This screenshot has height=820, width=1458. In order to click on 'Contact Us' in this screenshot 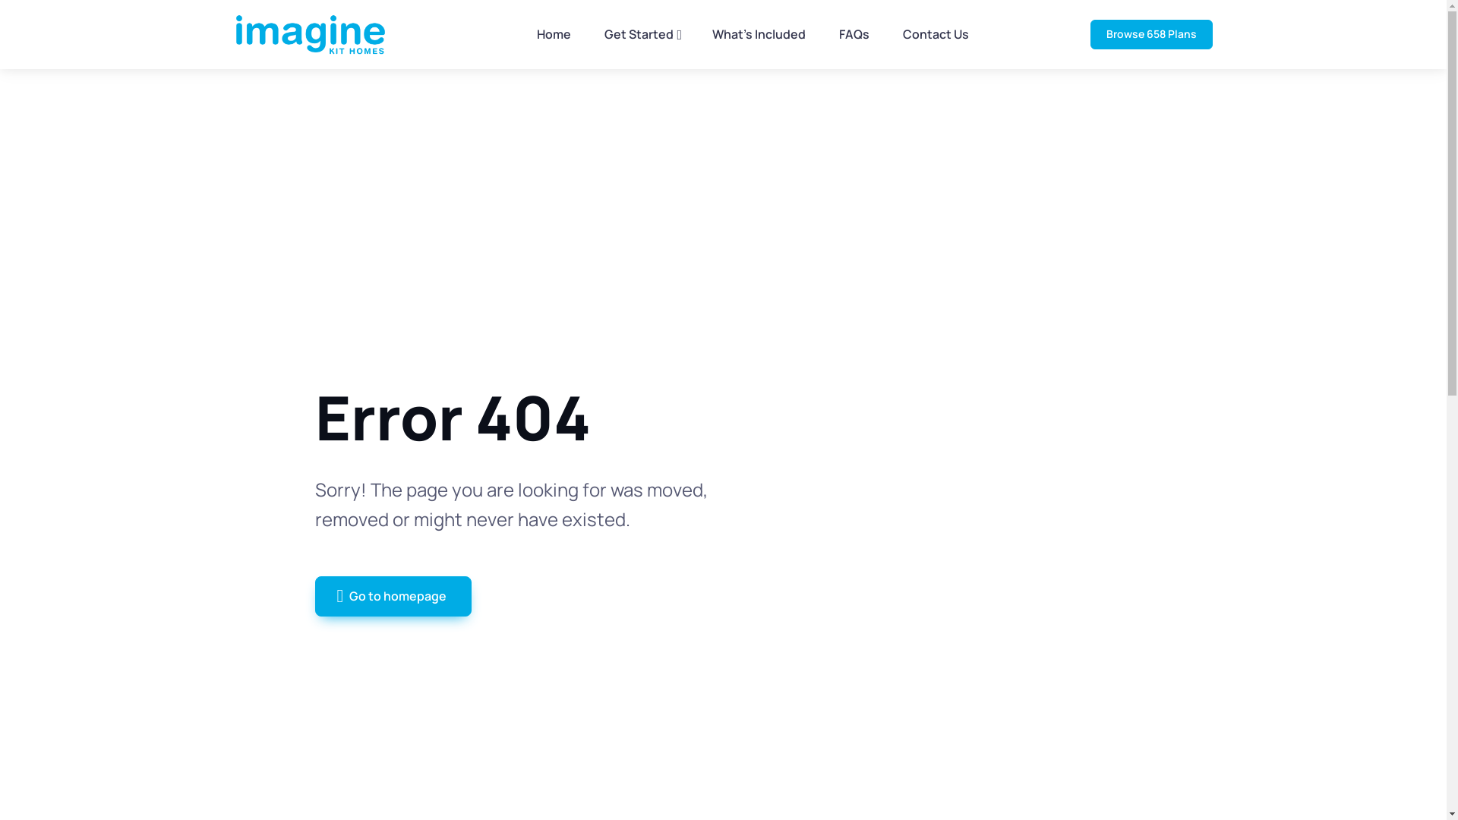, I will do `click(935, 34)`.